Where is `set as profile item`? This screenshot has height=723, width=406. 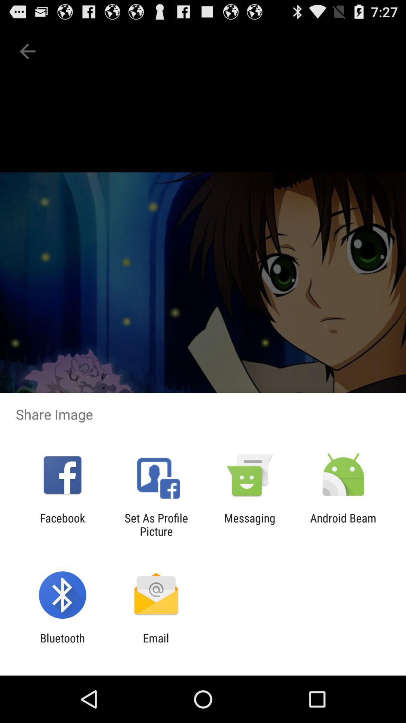 set as profile item is located at coordinates (156, 524).